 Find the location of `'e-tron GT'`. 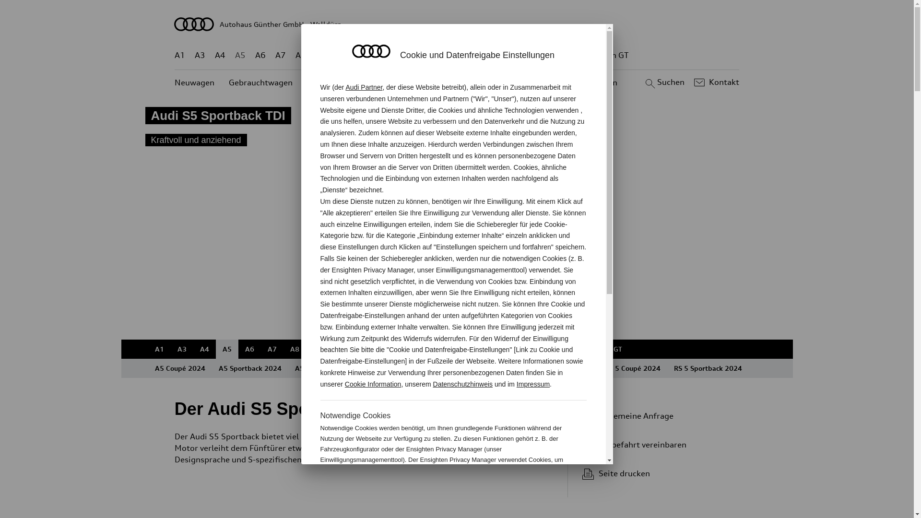

'e-tron GT' is located at coordinates (592, 55).